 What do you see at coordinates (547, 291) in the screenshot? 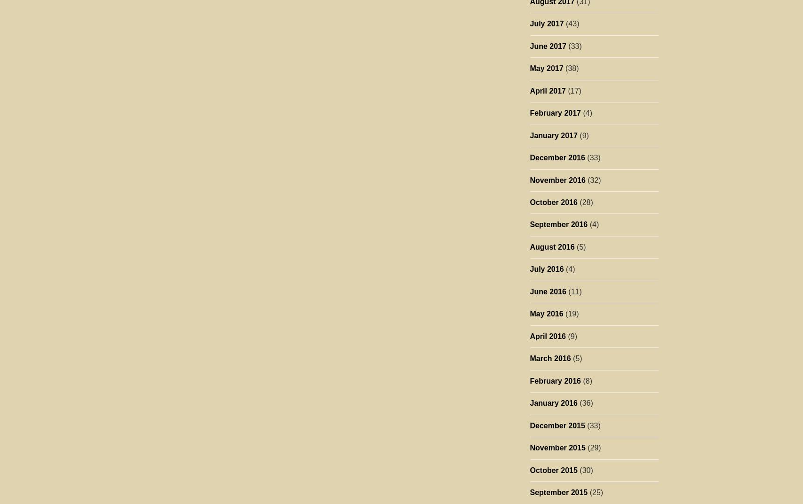
I see `'June 2016'` at bounding box center [547, 291].